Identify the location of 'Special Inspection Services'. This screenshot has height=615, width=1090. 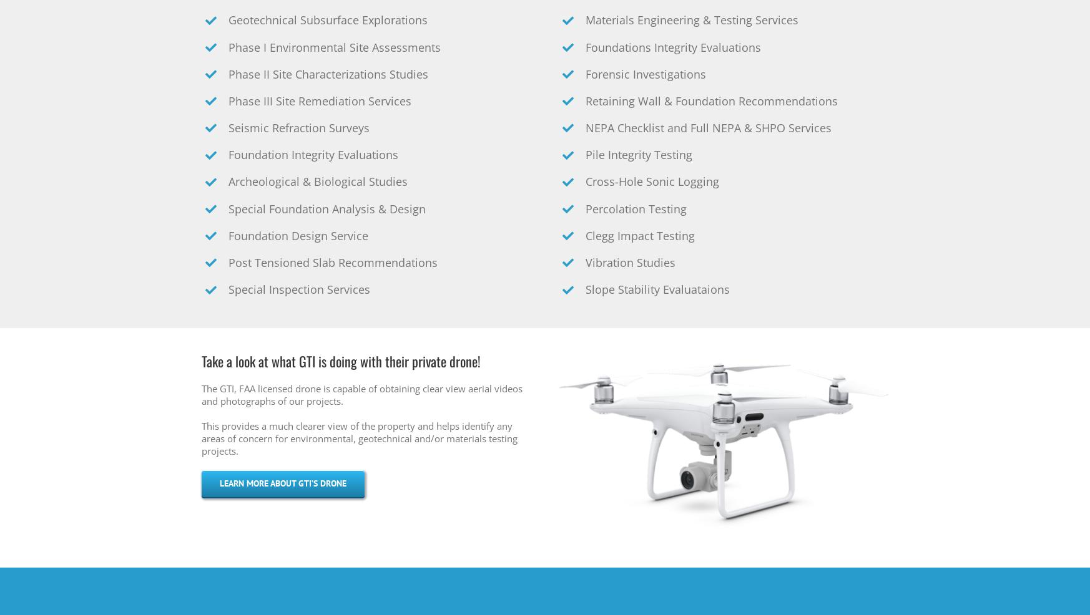
(299, 289).